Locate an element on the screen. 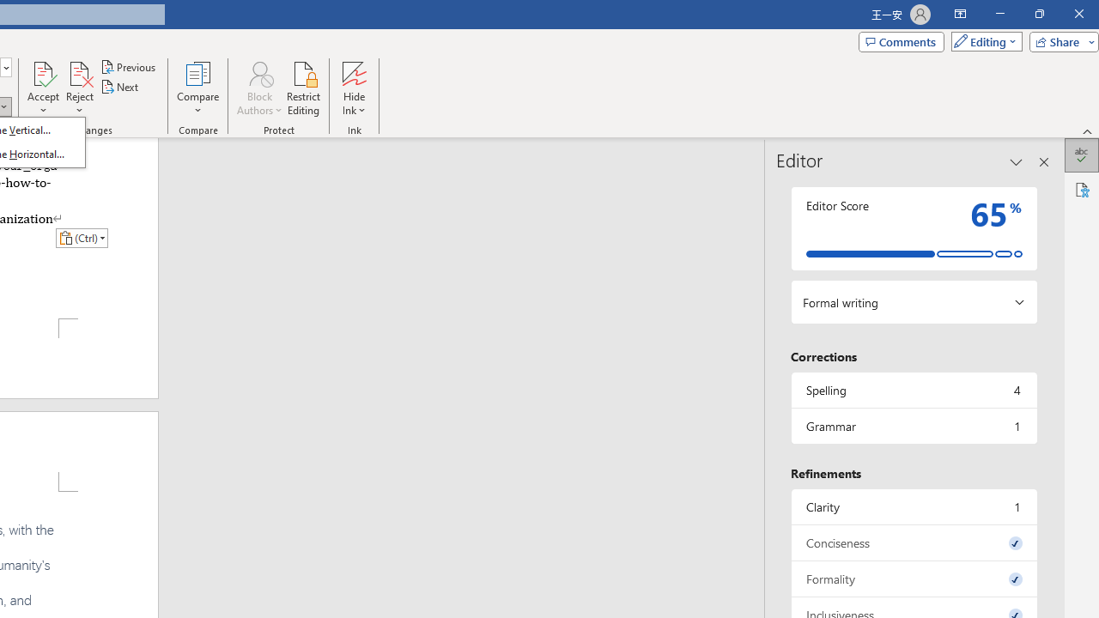 The height and width of the screenshot is (618, 1099). 'Compare' is located at coordinates (198, 88).